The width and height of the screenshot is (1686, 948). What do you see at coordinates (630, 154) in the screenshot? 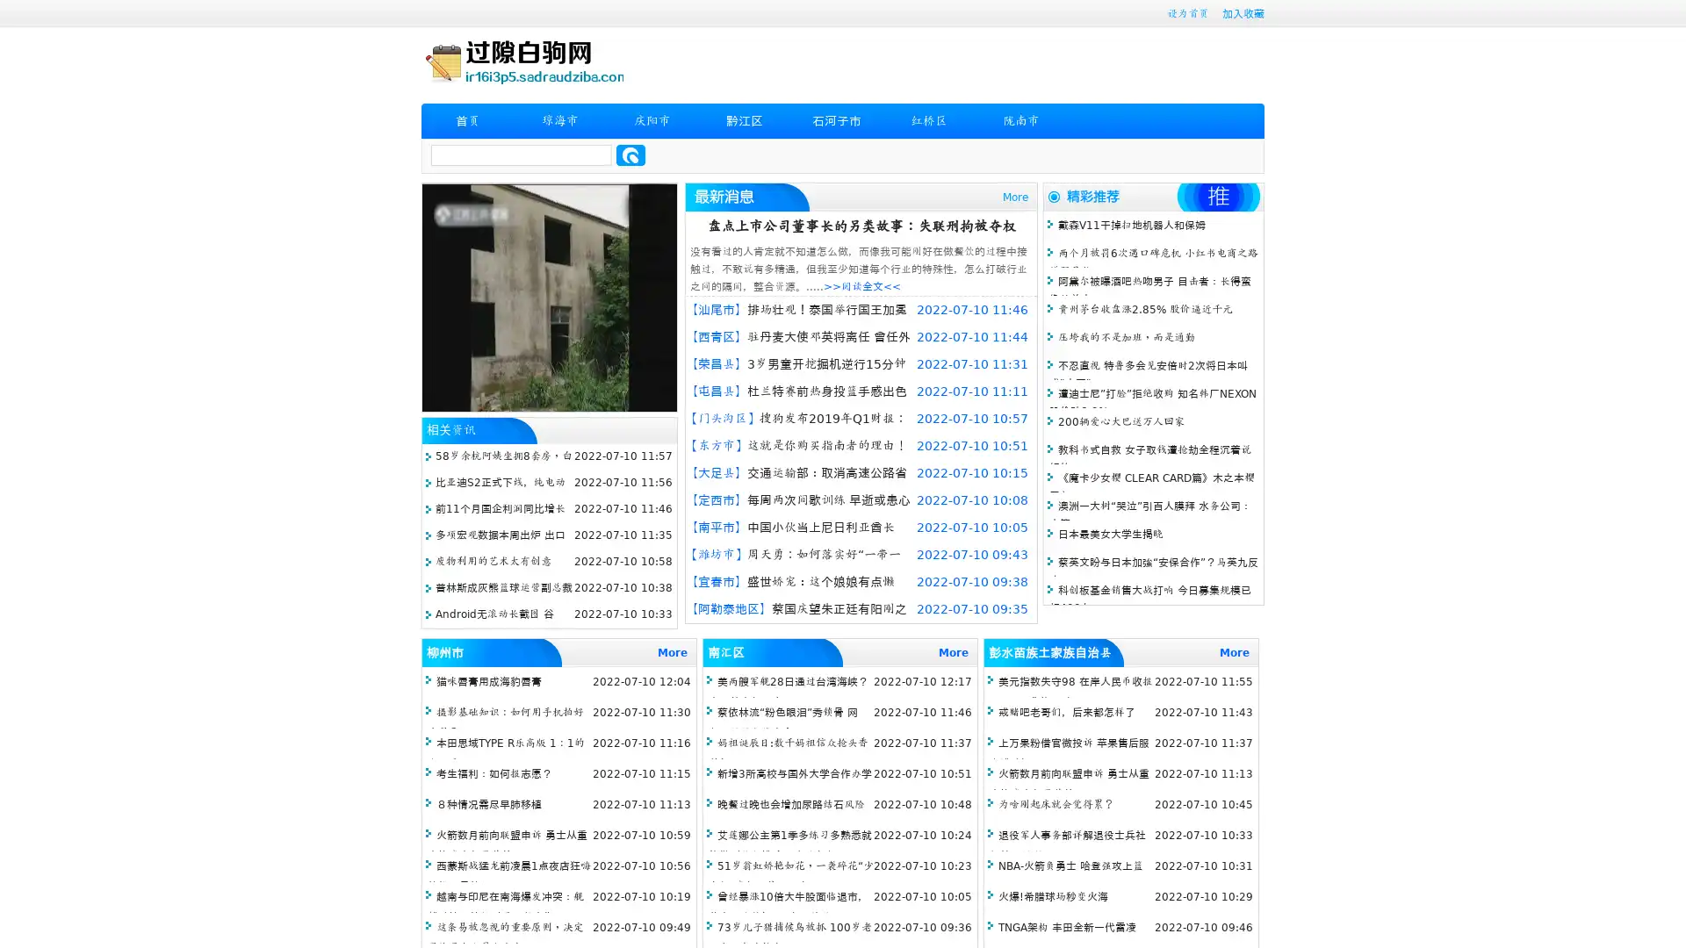
I see `Search` at bounding box center [630, 154].